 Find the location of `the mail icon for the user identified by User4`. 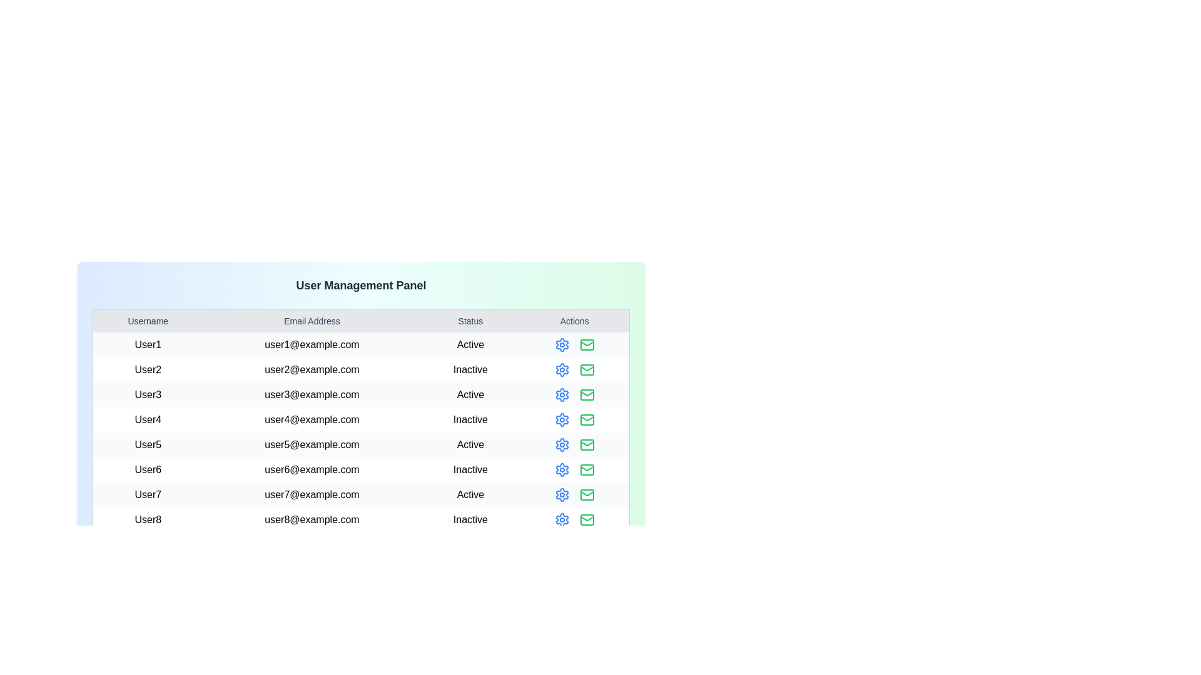

the mail icon for the user identified by User4 is located at coordinates (586, 419).